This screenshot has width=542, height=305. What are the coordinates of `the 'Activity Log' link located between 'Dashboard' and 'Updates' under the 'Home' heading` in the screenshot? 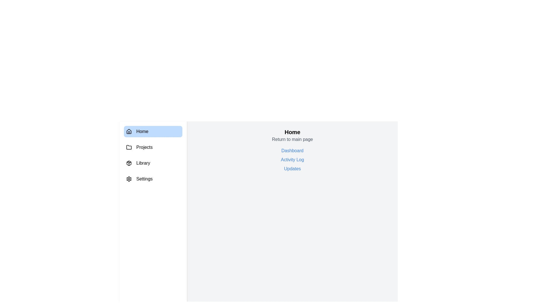 It's located at (292, 160).